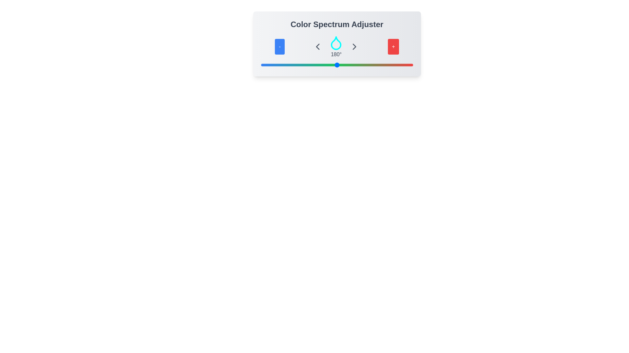 This screenshot has height=353, width=629. What do you see at coordinates (339, 65) in the screenshot?
I see `the slider to set the color spectrum to 186` at bounding box center [339, 65].